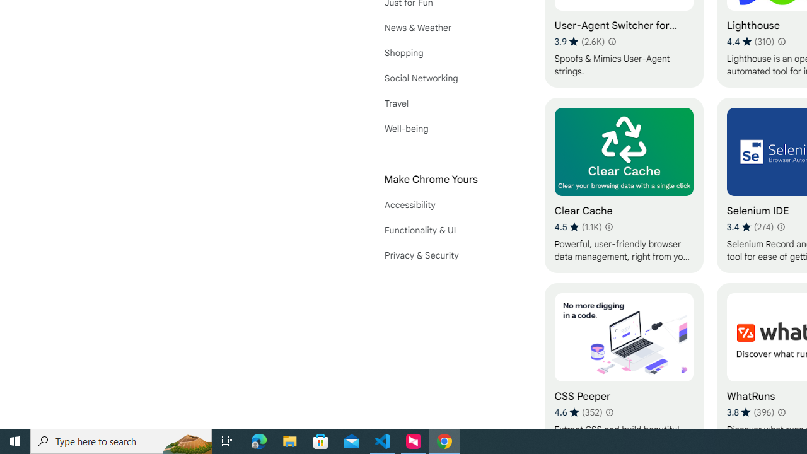 This screenshot has height=454, width=807. Describe the element at coordinates (624, 185) in the screenshot. I see `'Clear Cache'` at that location.